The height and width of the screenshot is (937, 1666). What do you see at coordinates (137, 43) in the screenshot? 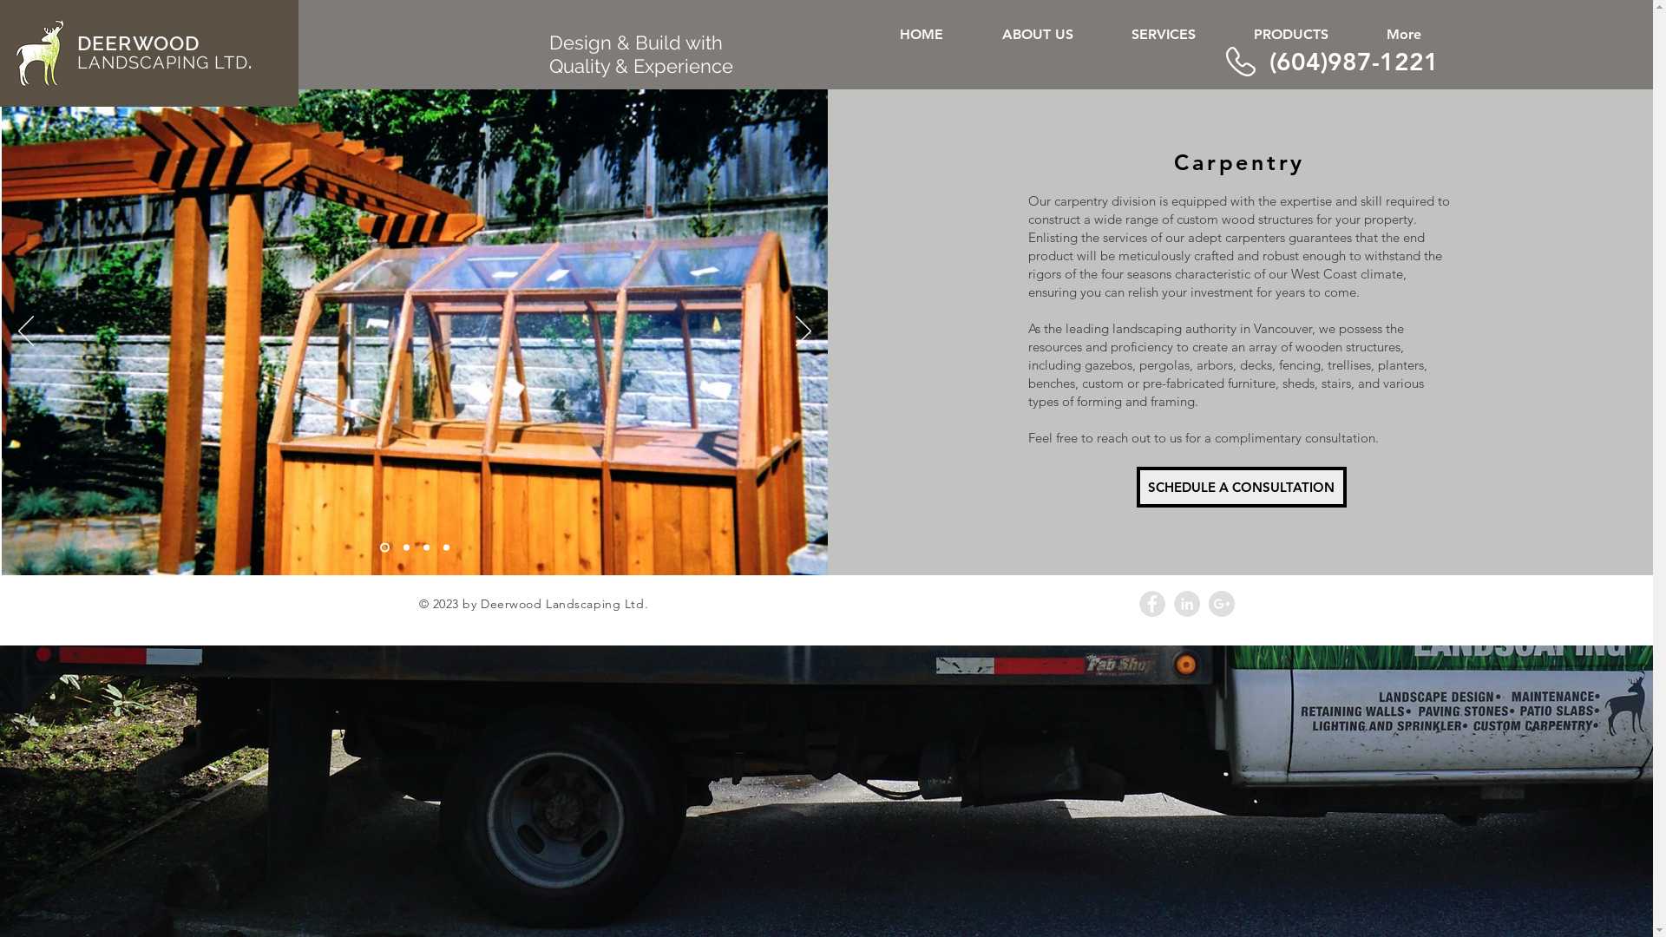
I see `'DEERWOOD'` at bounding box center [137, 43].